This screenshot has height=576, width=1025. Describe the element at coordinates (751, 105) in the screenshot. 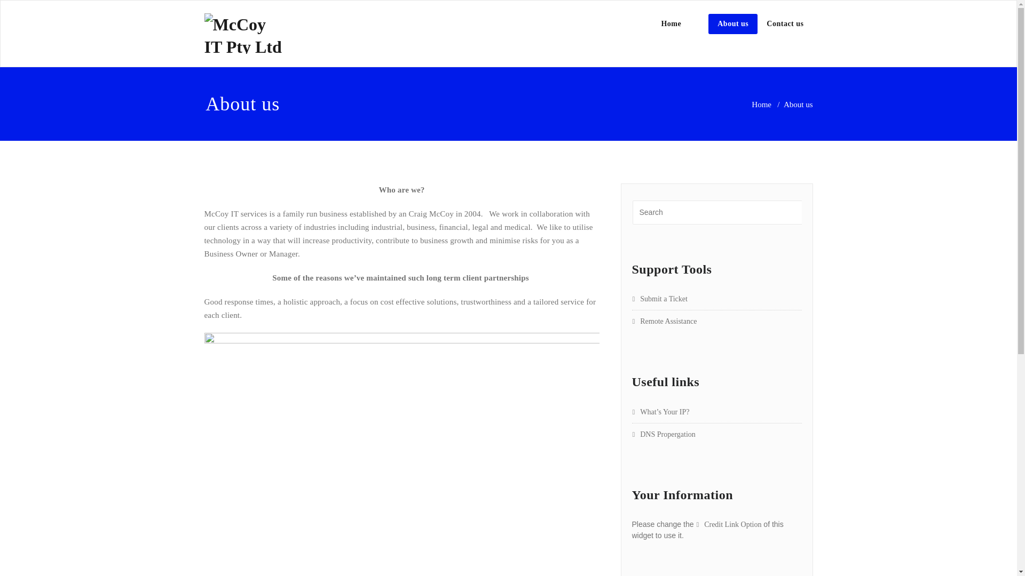

I see `'Home'` at that location.